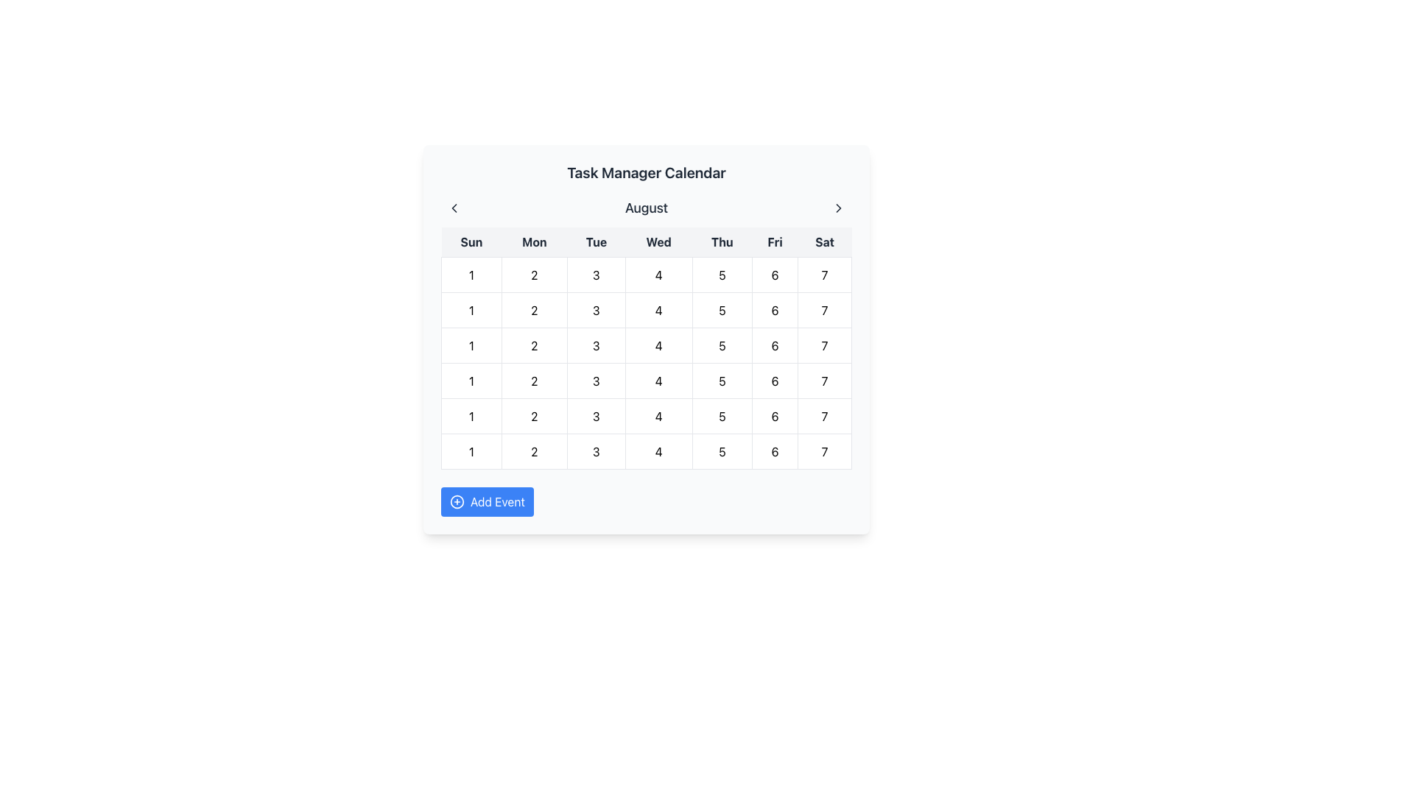 The height and width of the screenshot is (795, 1414). I want to click on the Text element displaying the number '5' in the calendar grid, so click(722, 309).